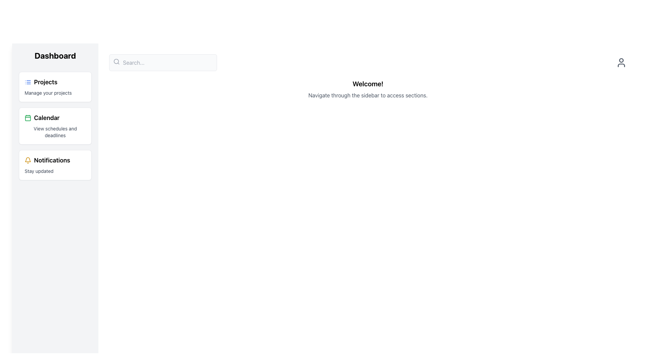 This screenshot has height=364, width=647. I want to click on the text label displaying 'View schedules and deadlines' located below the 'Calendar' heading in the sidebar, so click(55, 132).